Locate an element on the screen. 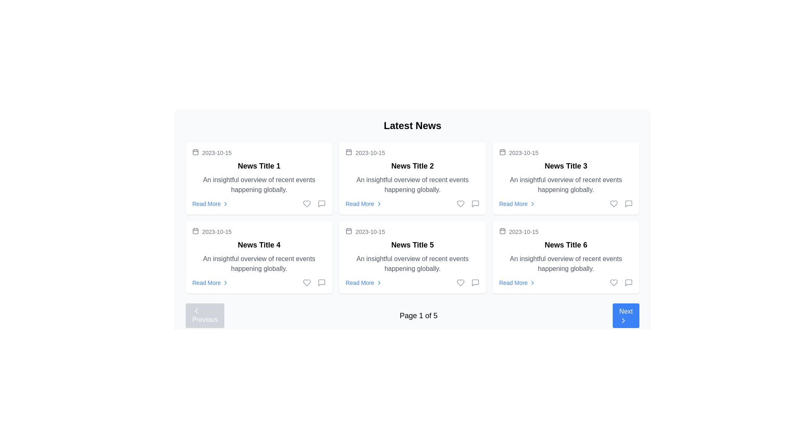 The width and height of the screenshot is (789, 444). the Text Label displaying the date of the event or article, located inside the first card in the grid of news articles, at the top-left corner below the calendar icon is located at coordinates (217, 153).